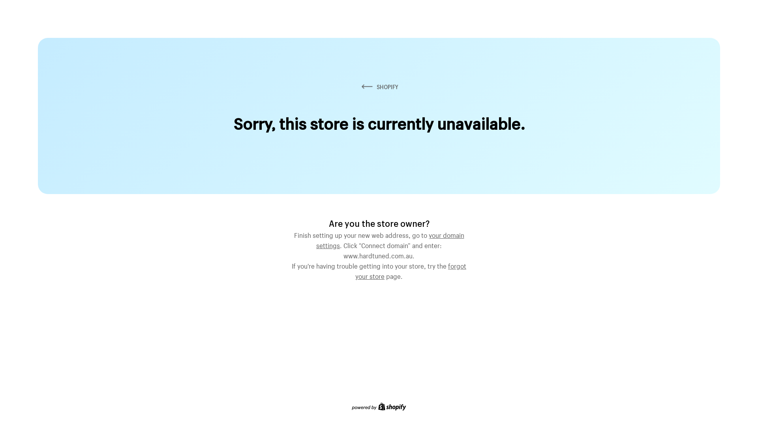 This screenshot has width=758, height=426. What do you see at coordinates (390, 239) in the screenshot?
I see `'your domain settings'` at bounding box center [390, 239].